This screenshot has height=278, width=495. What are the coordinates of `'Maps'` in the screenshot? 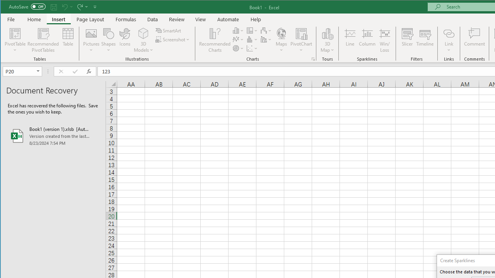 It's located at (281, 40).